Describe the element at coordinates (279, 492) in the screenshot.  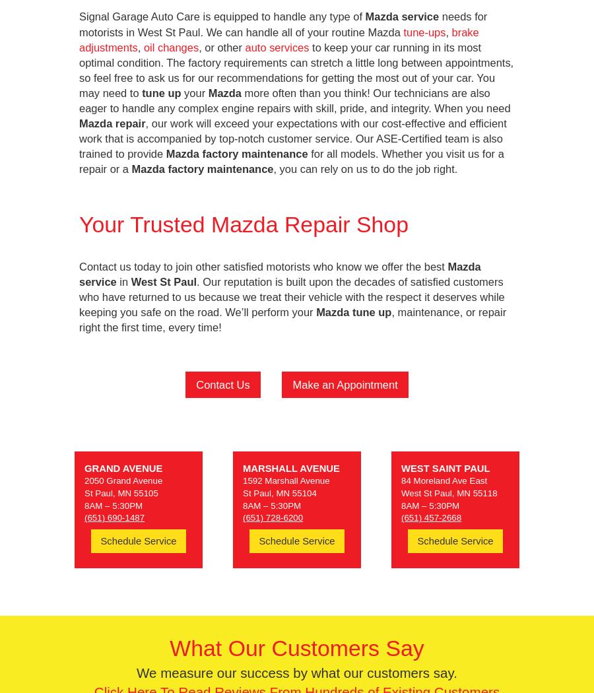
I see `'St Paul, MN 55104'` at that location.